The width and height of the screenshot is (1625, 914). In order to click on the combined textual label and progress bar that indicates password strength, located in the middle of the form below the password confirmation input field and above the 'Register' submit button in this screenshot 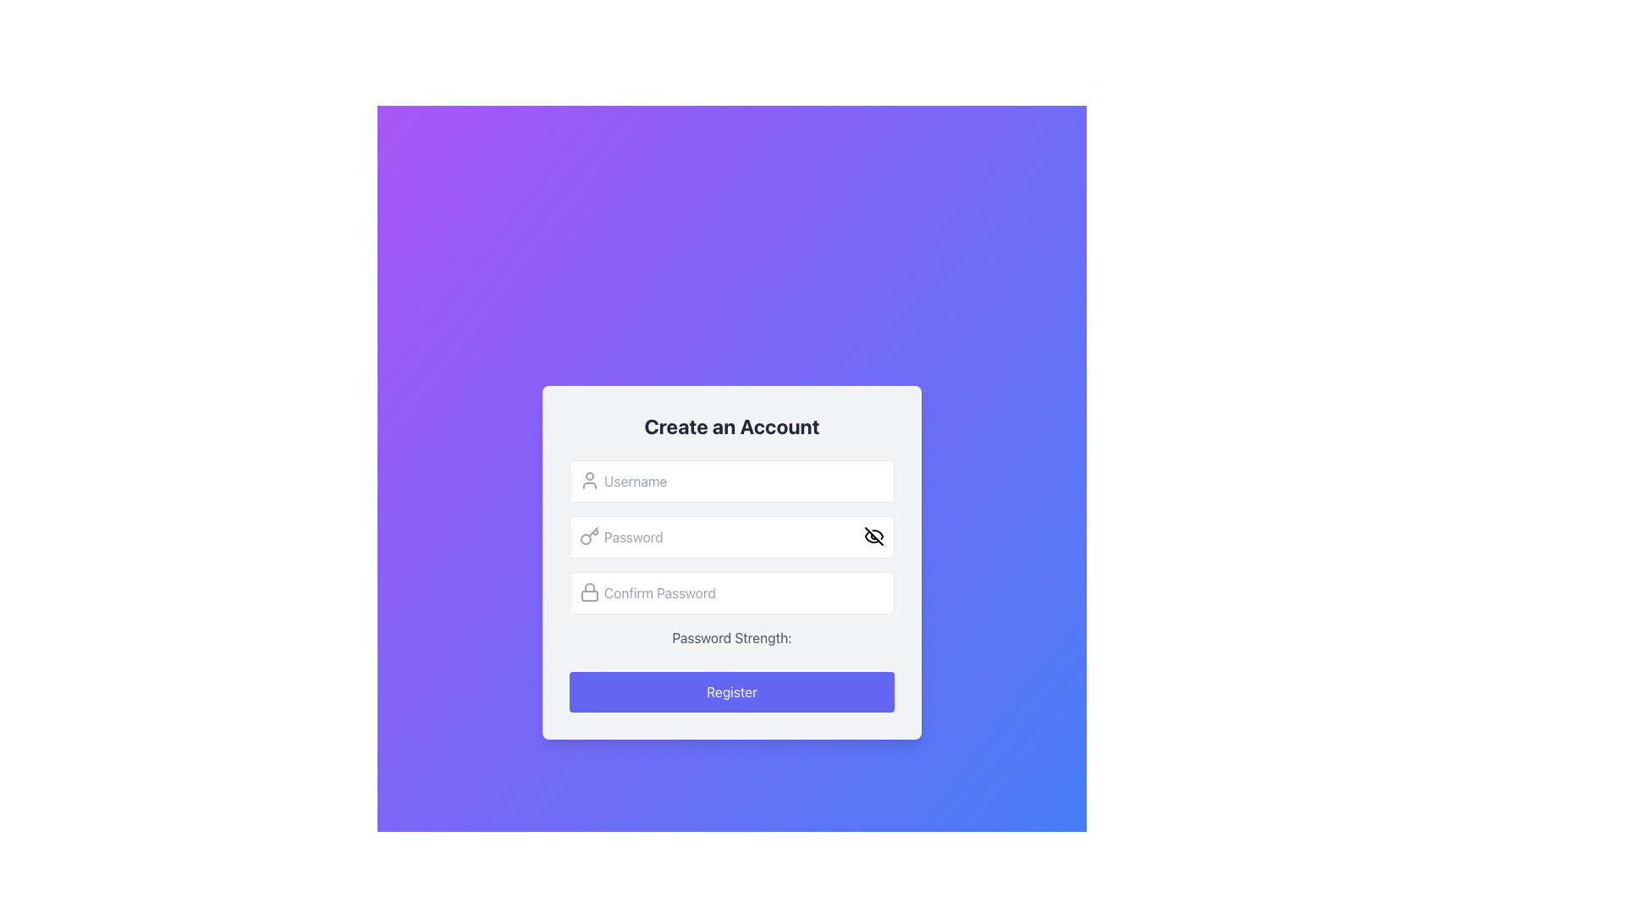, I will do `click(731, 642)`.